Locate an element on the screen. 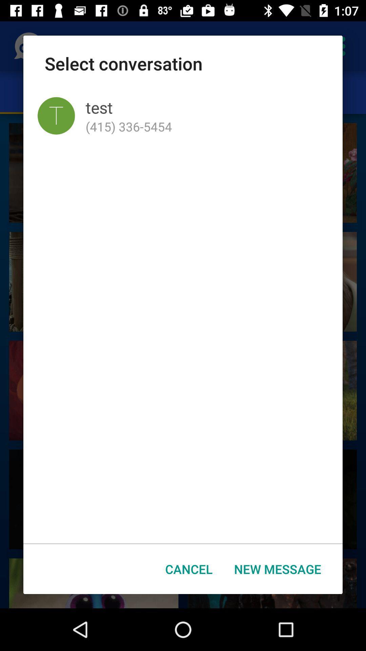 The image size is (366, 651). the button next to the cancel item is located at coordinates (278, 569).